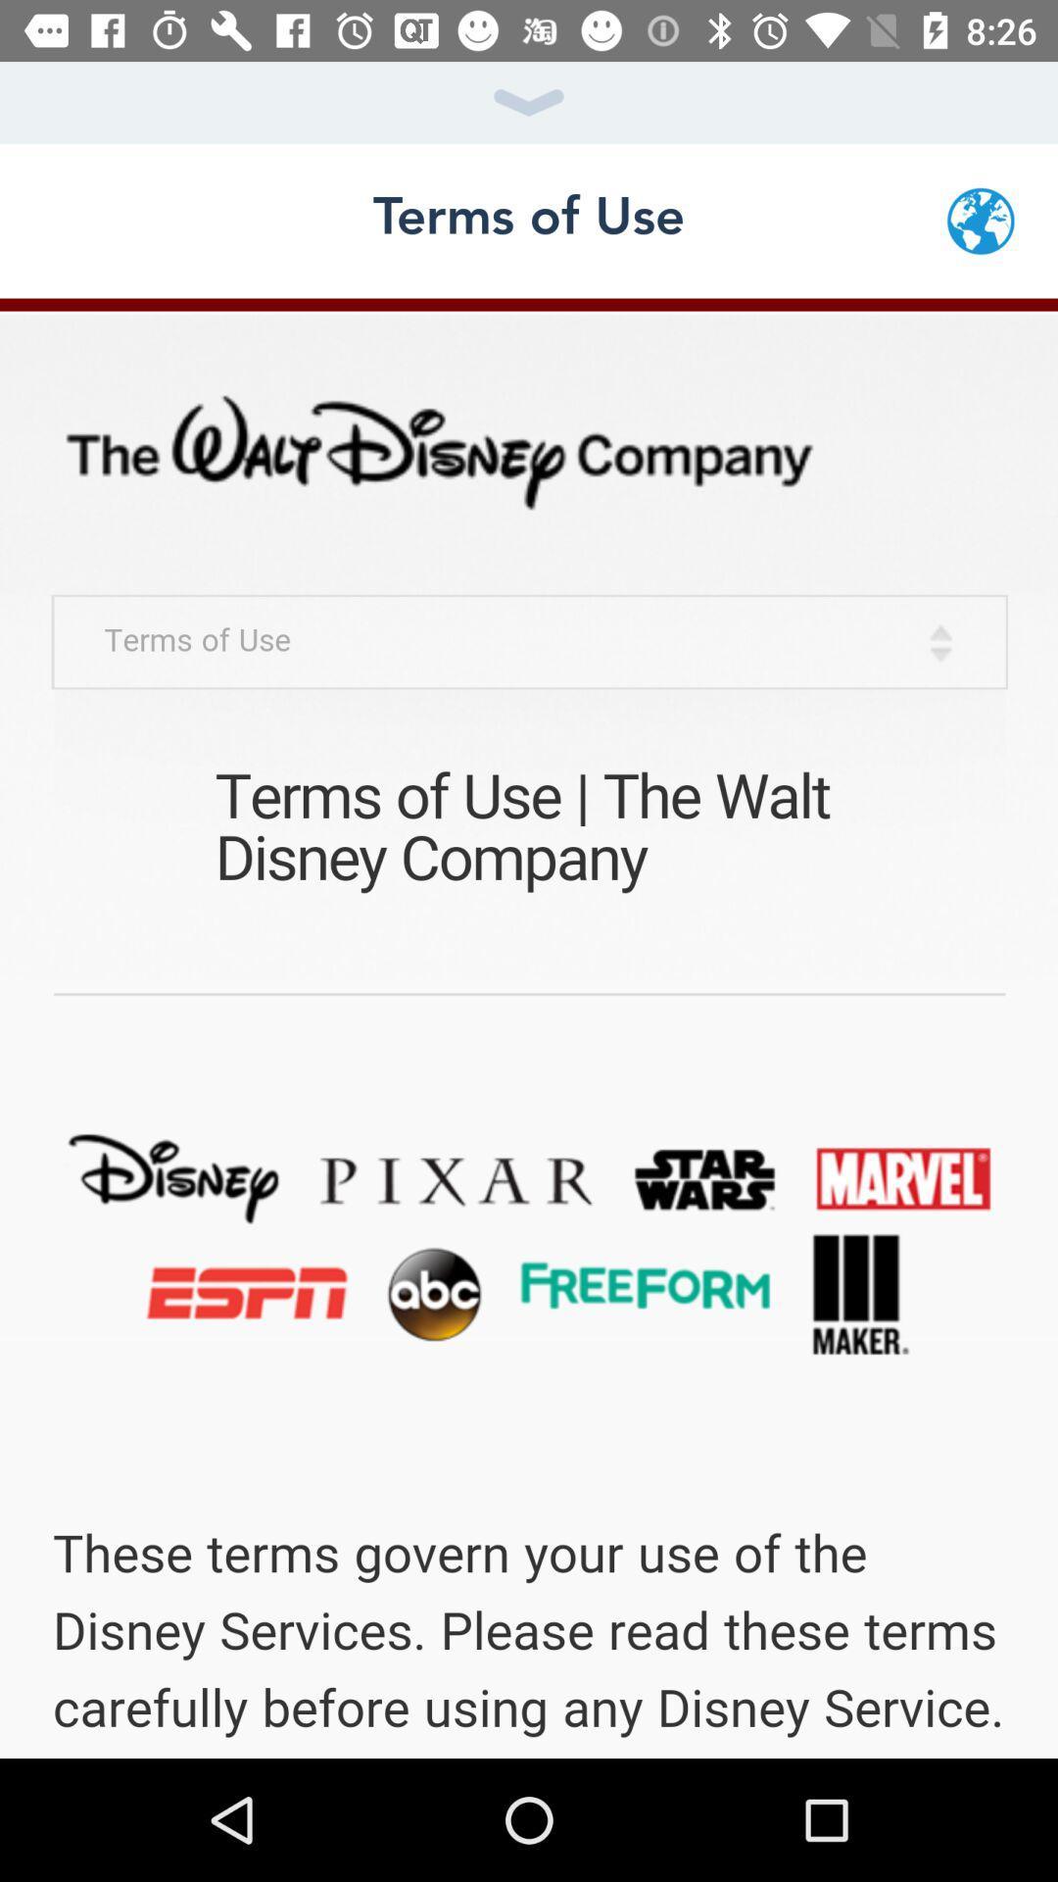 This screenshot has width=1058, height=1882. Describe the element at coordinates (529, 1027) in the screenshot. I see `terms of use` at that location.